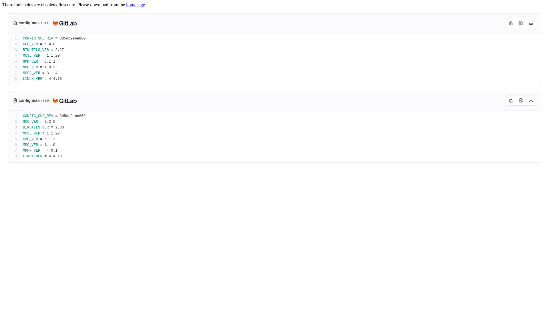  Describe the element at coordinates (511, 100) in the screenshot. I see `'Copy snippet contents'` at that location.